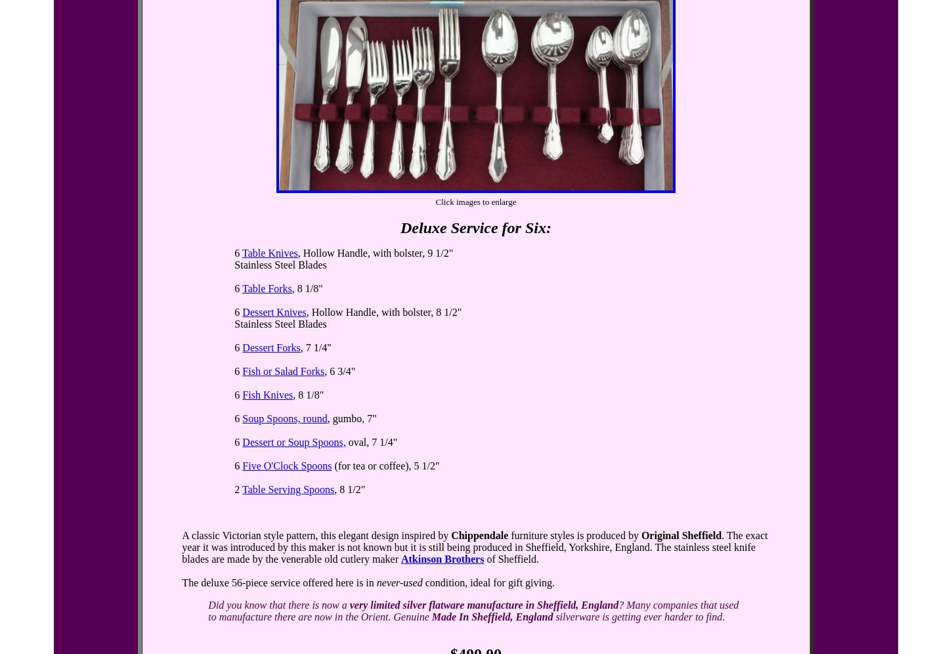  What do you see at coordinates (270, 347) in the screenshot?
I see `'Dessert Forks'` at bounding box center [270, 347].